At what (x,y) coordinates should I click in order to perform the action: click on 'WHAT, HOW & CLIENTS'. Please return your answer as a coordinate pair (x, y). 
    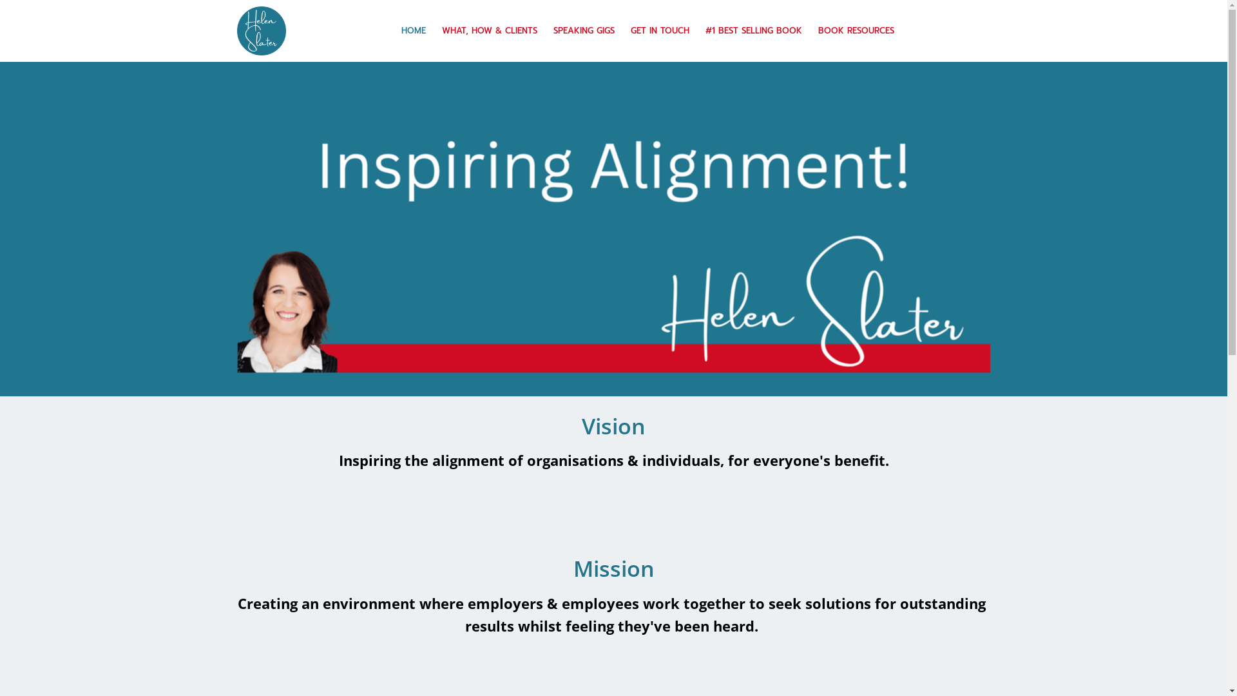
    Looking at the image, I should click on (488, 30).